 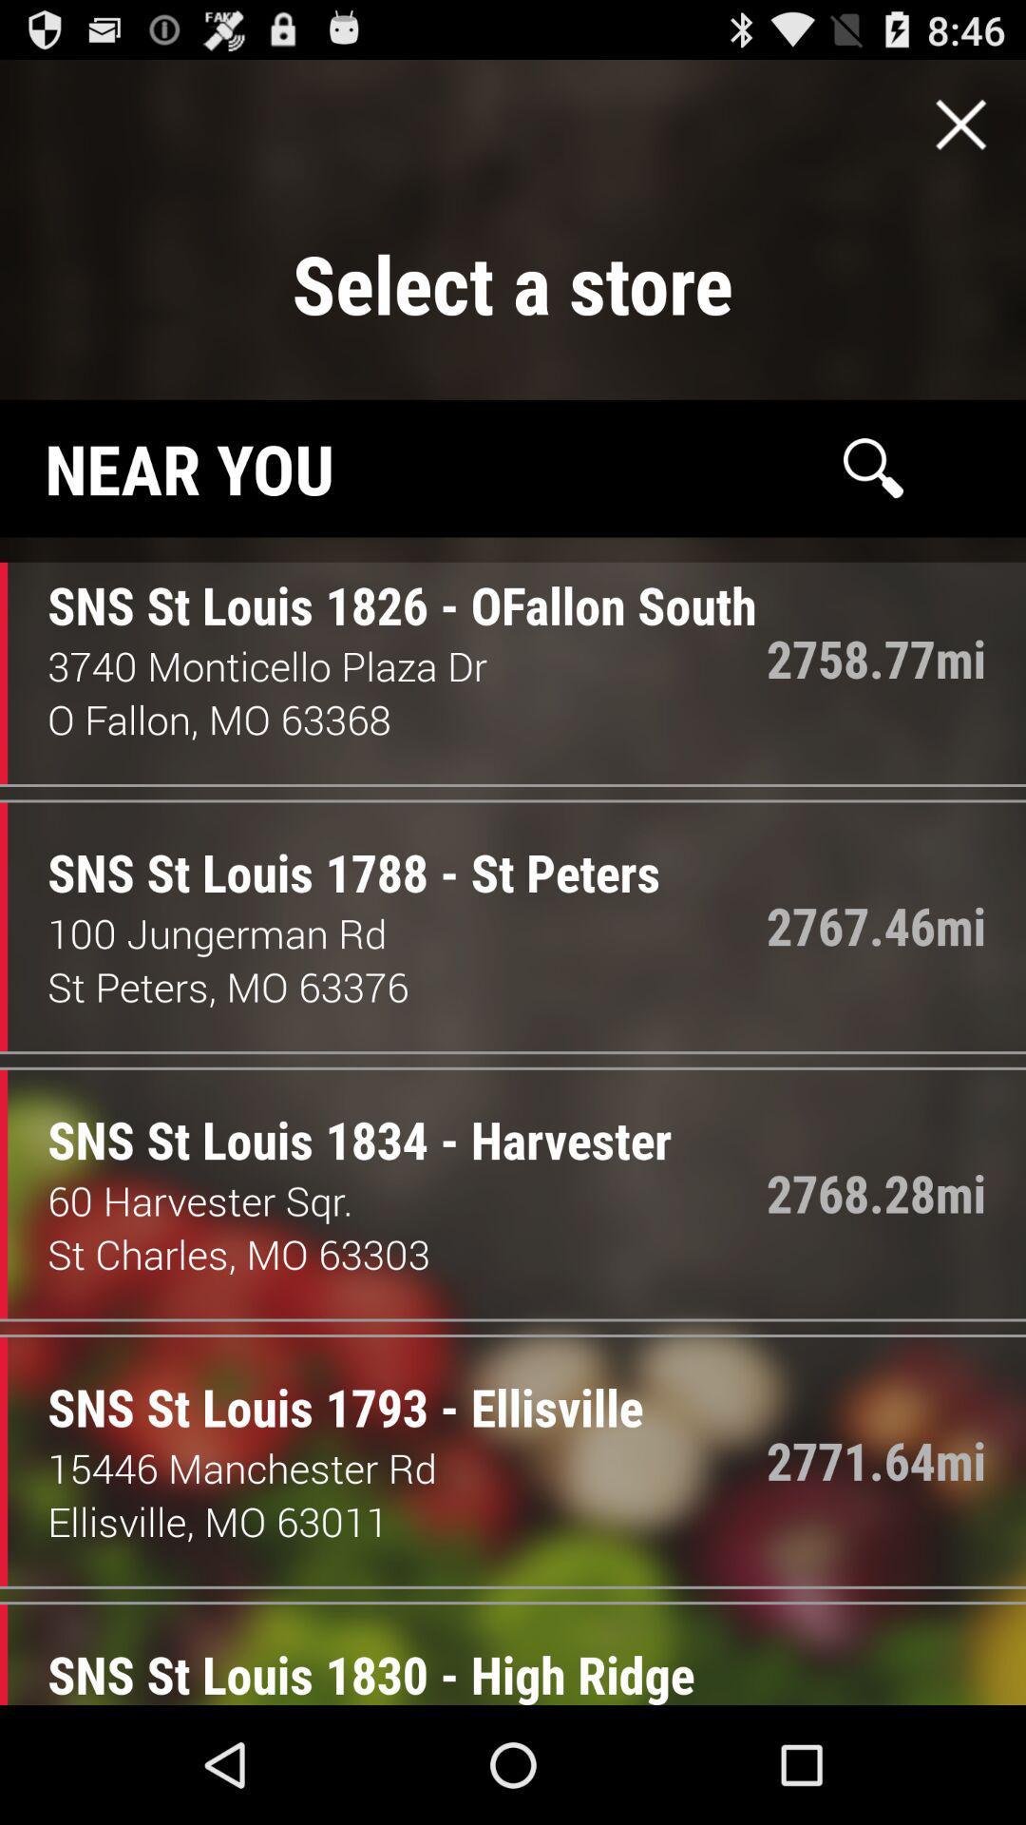 What do you see at coordinates (873, 468) in the screenshot?
I see `serce` at bounding box center [873, 468].